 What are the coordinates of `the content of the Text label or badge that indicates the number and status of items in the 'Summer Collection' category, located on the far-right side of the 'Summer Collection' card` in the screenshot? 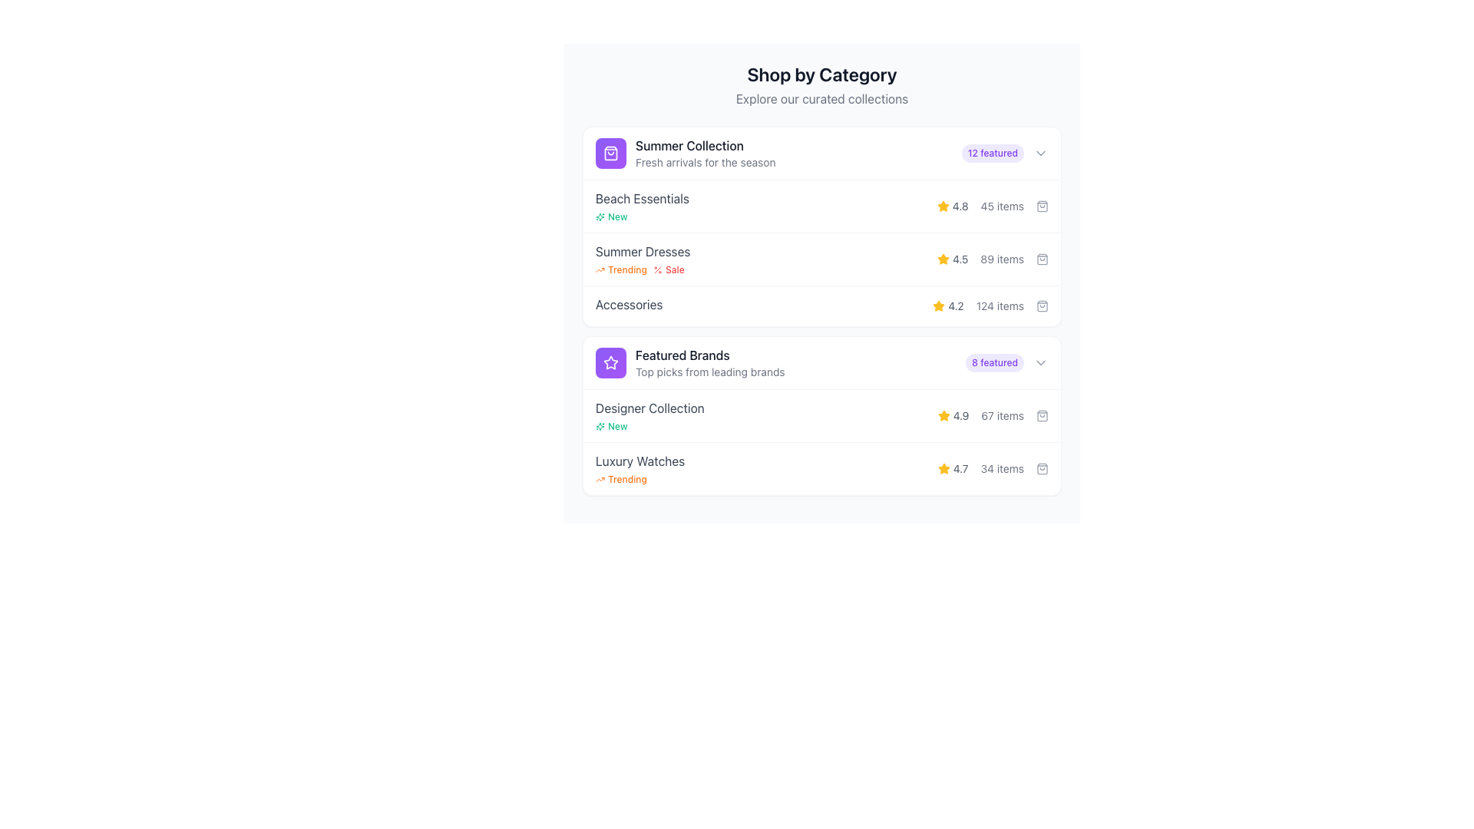 It's located at (1005, 154).